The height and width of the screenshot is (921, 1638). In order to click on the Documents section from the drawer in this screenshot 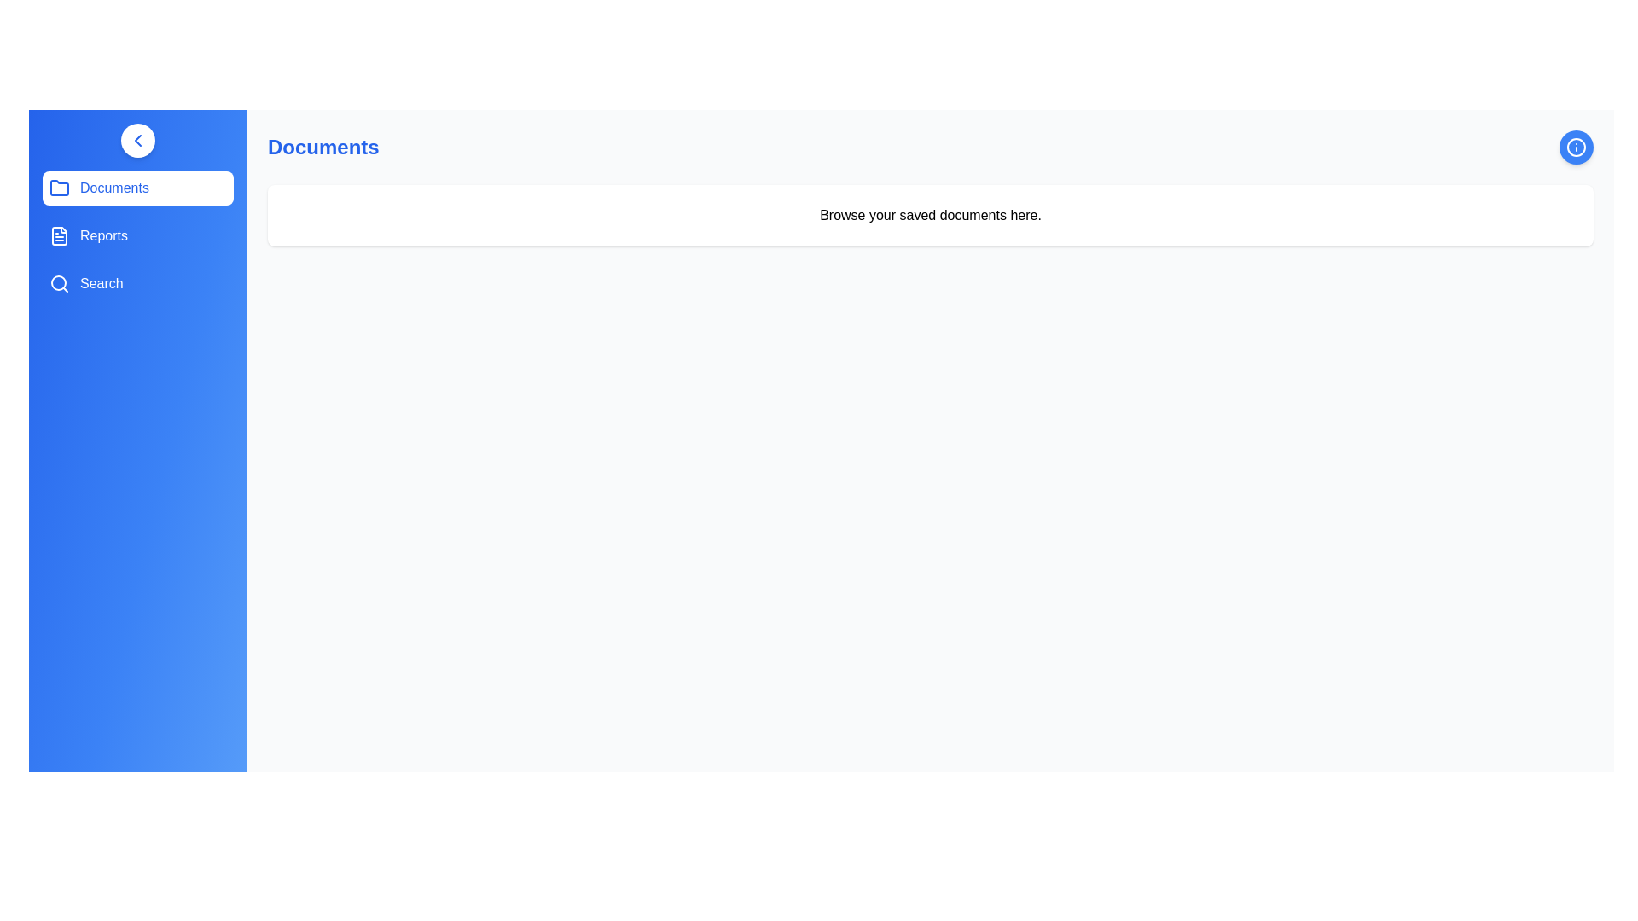, I will do `click(138, 188)`.